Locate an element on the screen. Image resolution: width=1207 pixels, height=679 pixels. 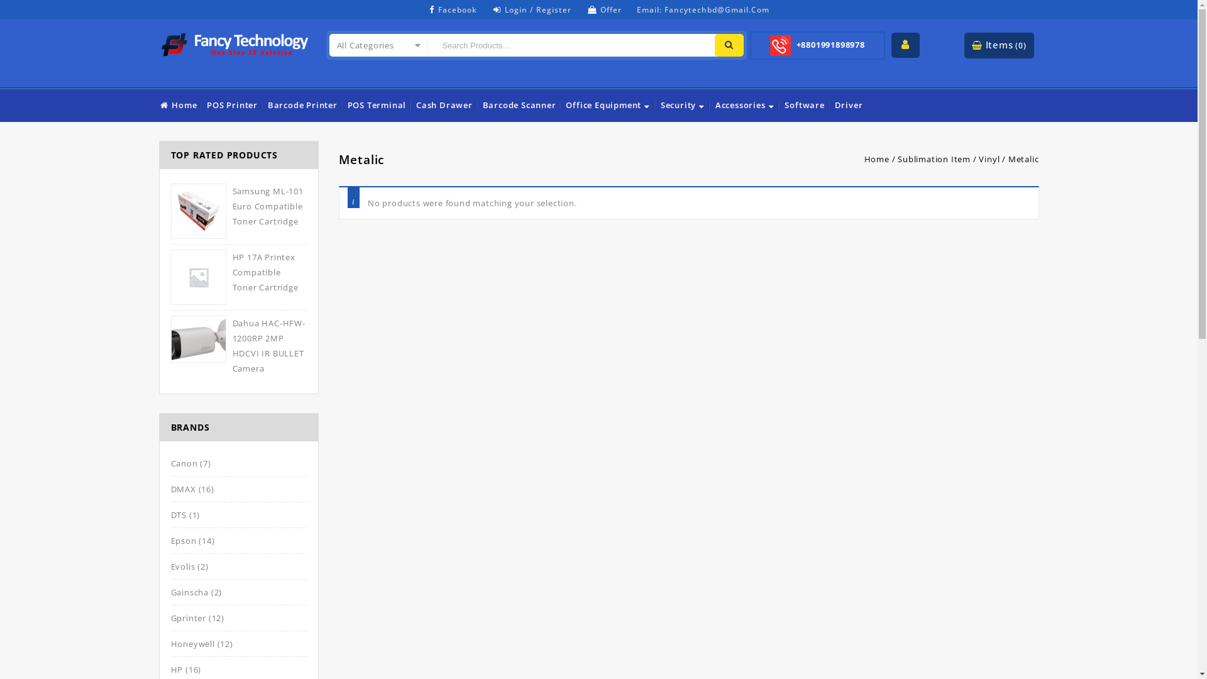
'Search for:' is located at coordinates (568, 45).